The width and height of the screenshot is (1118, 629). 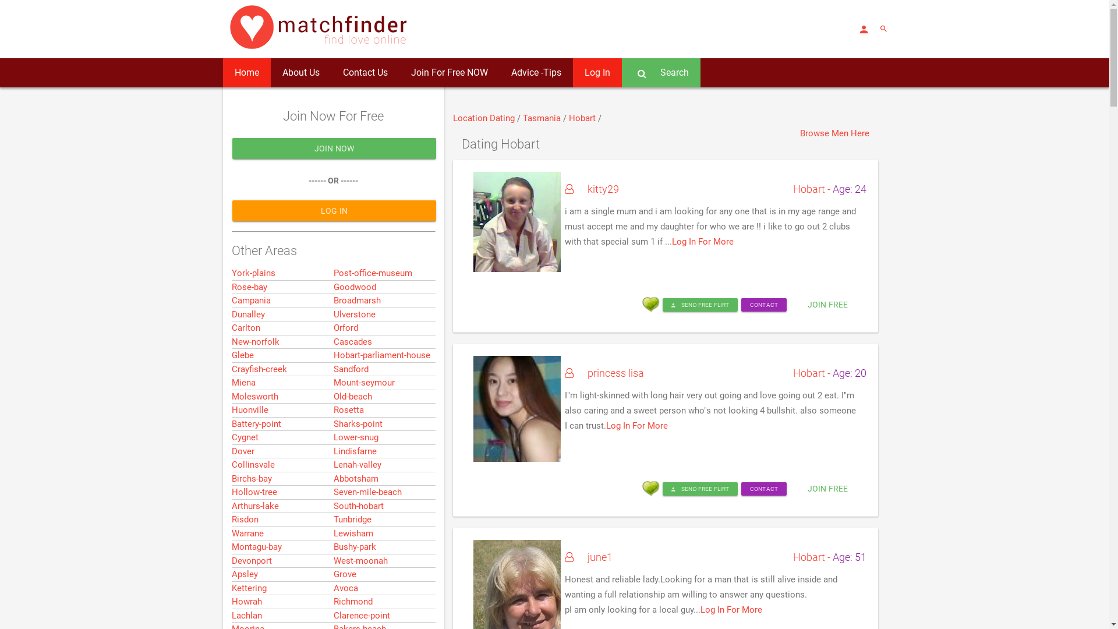 I want to click on 'About Us', so click(x=270, y=72).